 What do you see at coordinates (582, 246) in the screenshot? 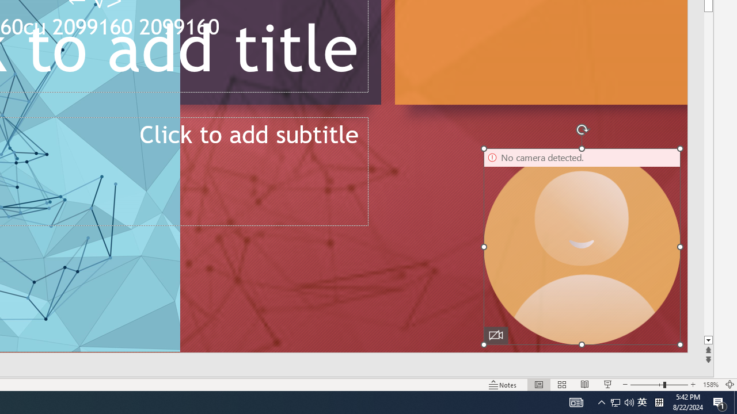
I see `'Camera 16, No camera detected.'` at bounding box center [582, 246].